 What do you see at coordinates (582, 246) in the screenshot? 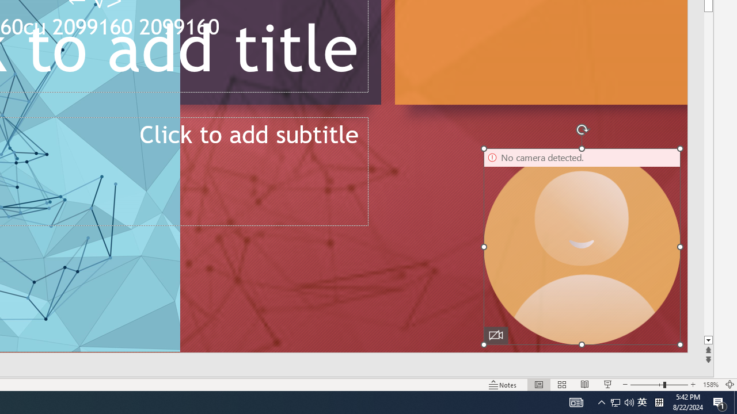
I see `'Camera 16, No camera detected.'` at bounding box center [582, 246].